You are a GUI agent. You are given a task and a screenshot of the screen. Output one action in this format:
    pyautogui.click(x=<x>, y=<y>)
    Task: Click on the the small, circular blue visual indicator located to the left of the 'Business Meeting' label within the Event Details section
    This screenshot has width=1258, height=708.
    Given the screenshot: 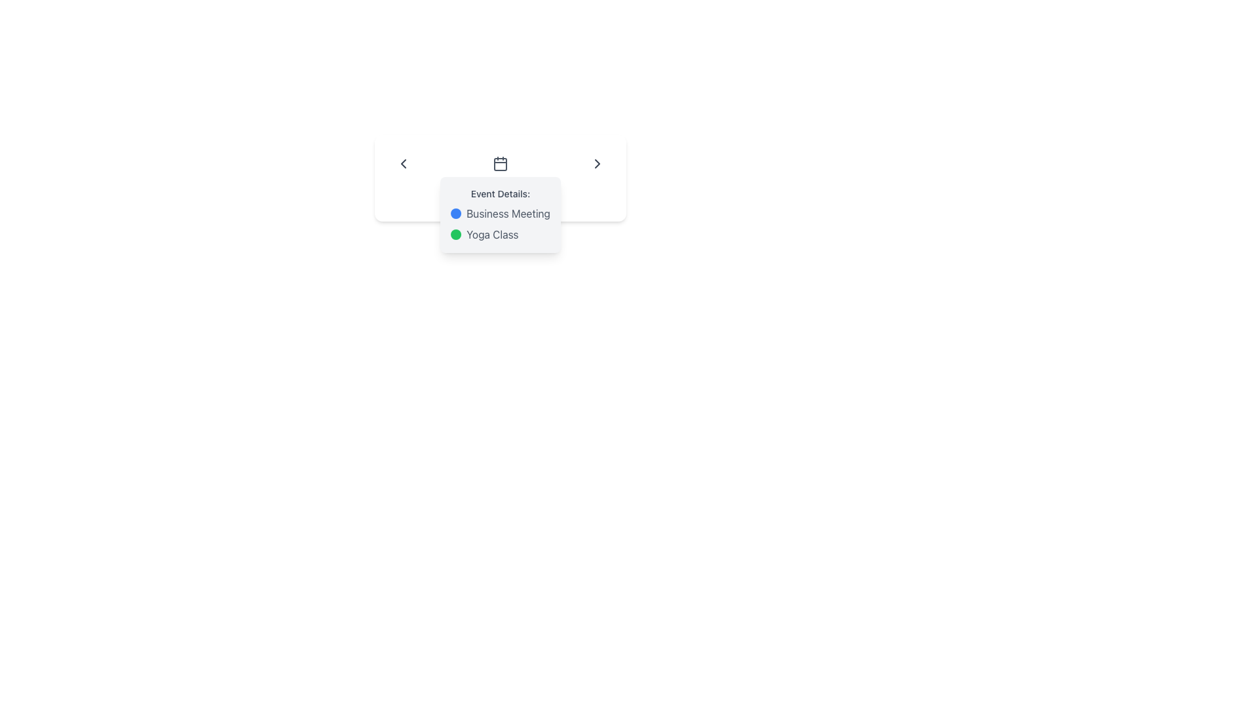 What is the action you would take?
    pyautogui.click(x=456, y=213)
    